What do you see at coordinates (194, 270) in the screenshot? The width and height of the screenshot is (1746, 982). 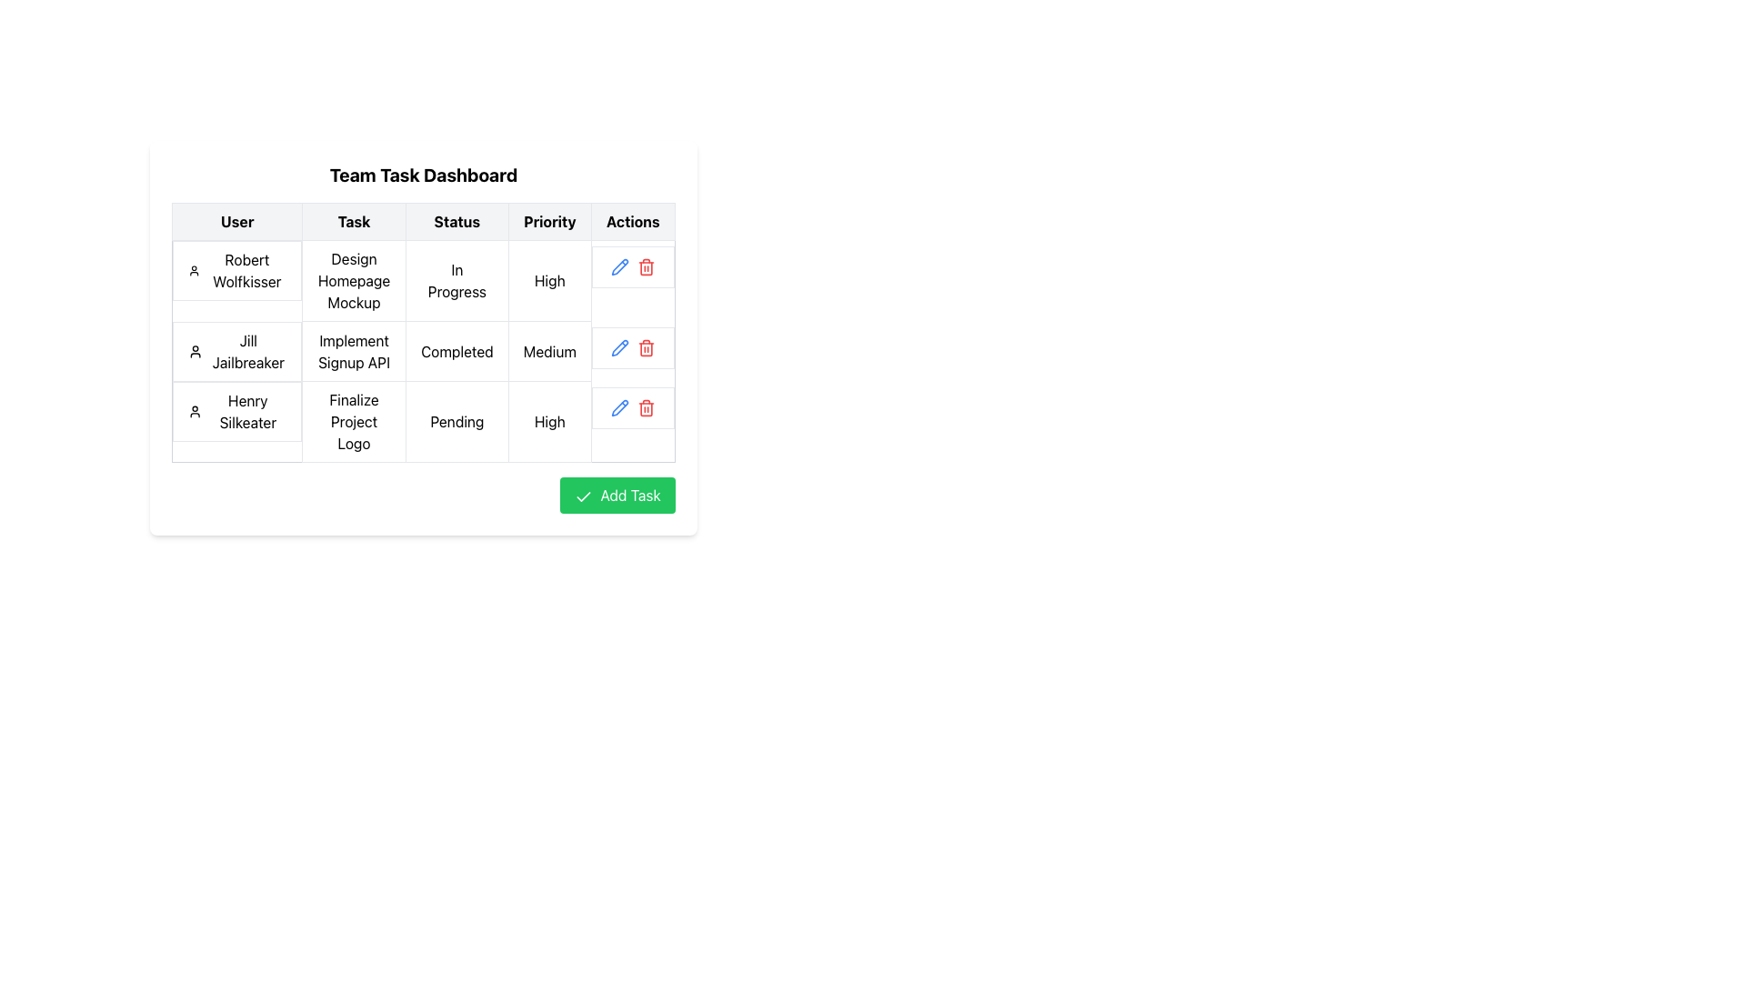 I see `the user avatar icon, which is a black graphical outline of a user, located to the left of the user name 'Robert Wolfkisser' in the Team Task Dashboard table` at bounding box center [194, 270].